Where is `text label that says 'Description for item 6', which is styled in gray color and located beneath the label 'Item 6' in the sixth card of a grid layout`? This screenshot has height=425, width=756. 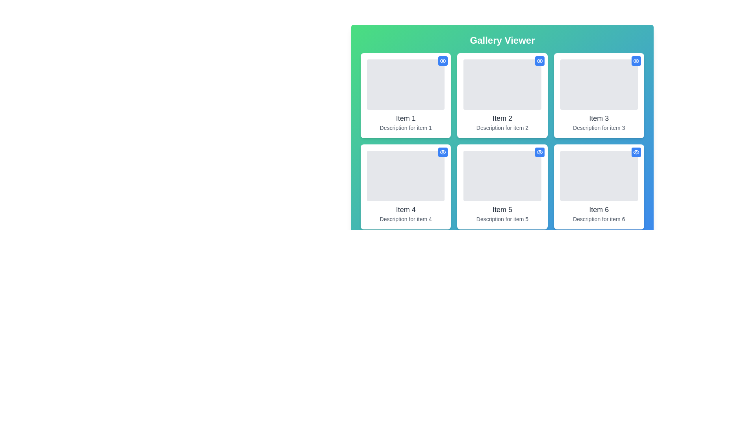 text label that says 'Description for item 6', which is styled in gray color and located beneath the label 'Item 6' in the sixth card of a grid layout is located at coordinates (598, 219).